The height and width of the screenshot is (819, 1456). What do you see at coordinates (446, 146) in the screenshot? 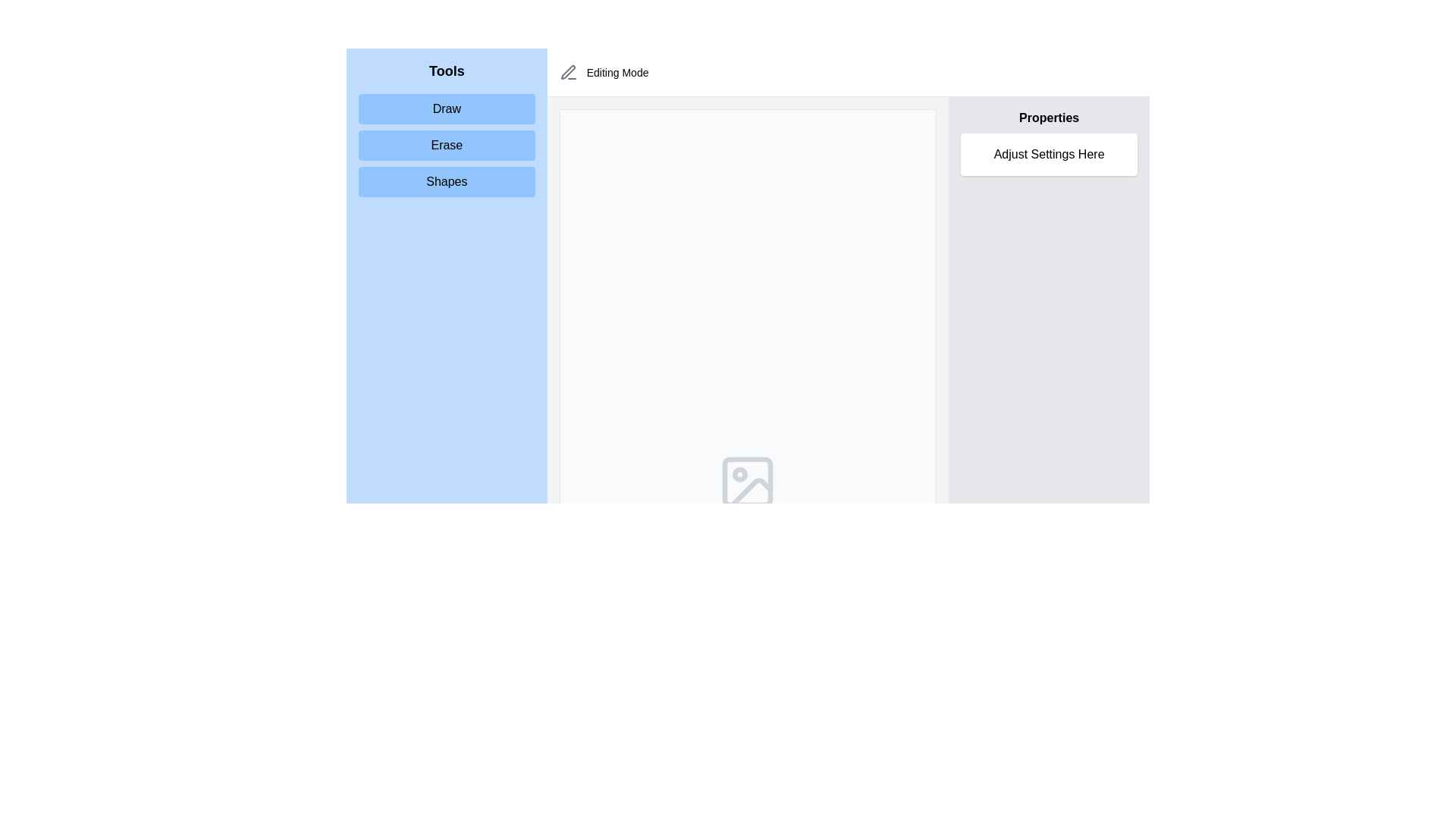
I see `the 'Erase' button located in the left sidebar beneath the 'Tools' header` at bounding box center [446, 146].